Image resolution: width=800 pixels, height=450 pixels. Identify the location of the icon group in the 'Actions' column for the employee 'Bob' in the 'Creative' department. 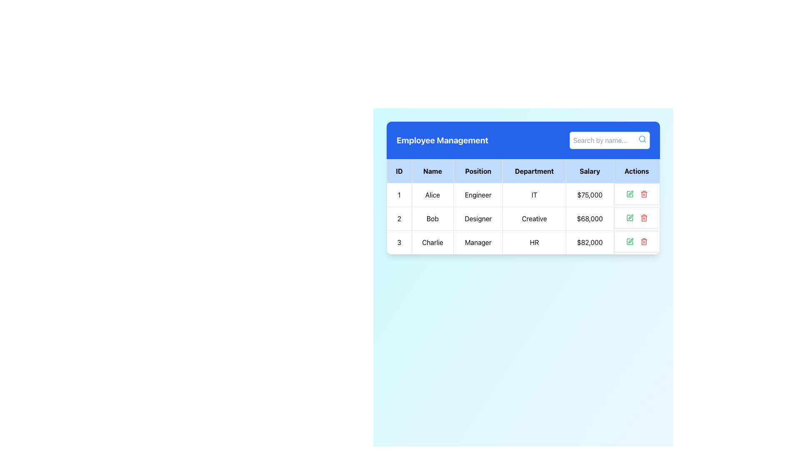
(636, 217).